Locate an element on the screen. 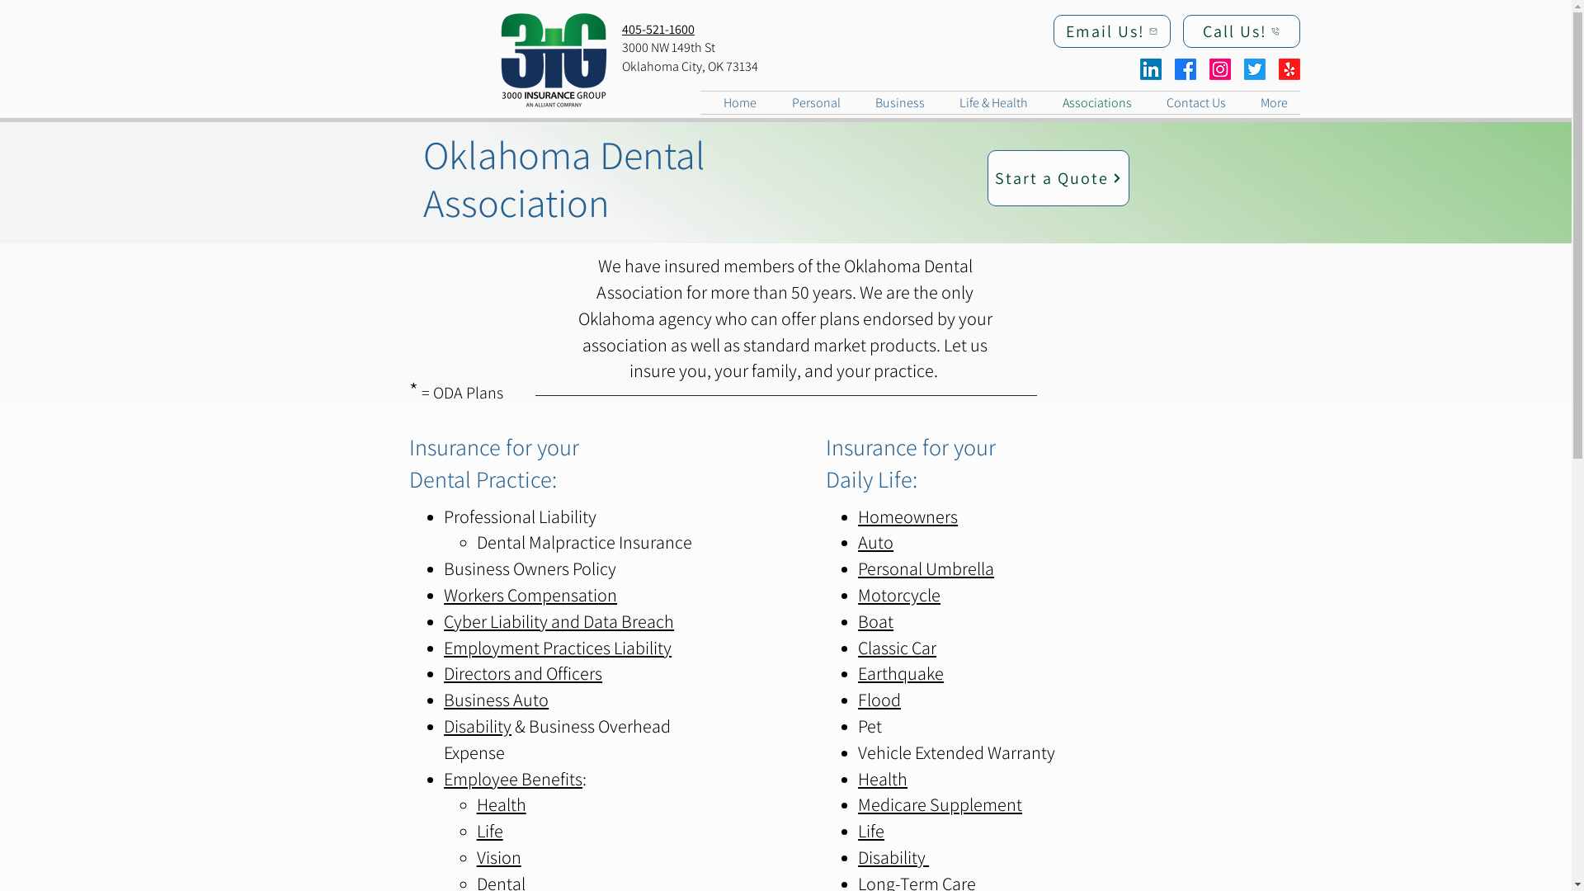 This screenshot has width=1584, height=891. 'Start a Quote' is located at coordinates (986, 178).